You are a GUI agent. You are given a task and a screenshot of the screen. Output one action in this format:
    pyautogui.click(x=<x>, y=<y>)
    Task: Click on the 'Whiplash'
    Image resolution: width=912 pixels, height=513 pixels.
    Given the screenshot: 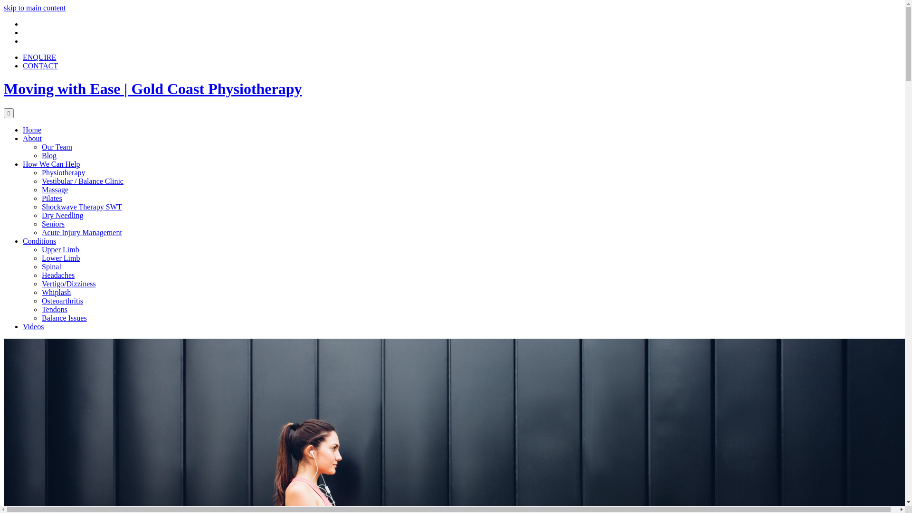 What is the action you would take?
    pyautogui.click(x=56, y=292)
    